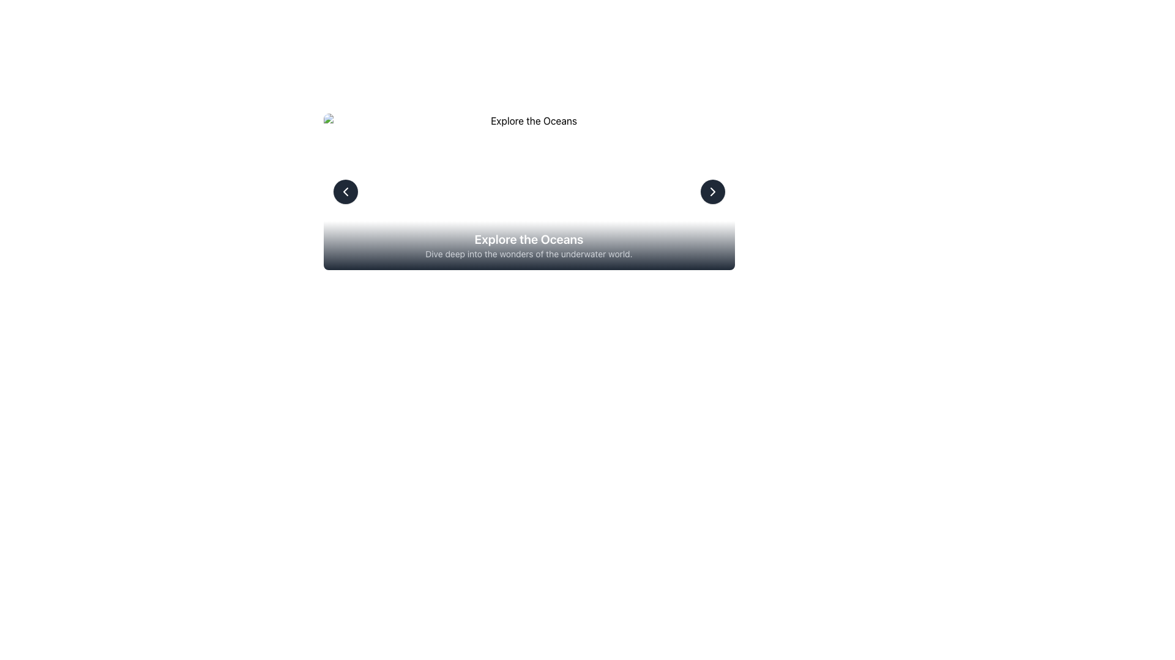  What do you see at coordinates (712, 191) in the screenshot?
I see `the vector graphic part of the arrow icon located within the circular button on the right-hand side of the gradient-styled banner` at bounding box center [712, 191].